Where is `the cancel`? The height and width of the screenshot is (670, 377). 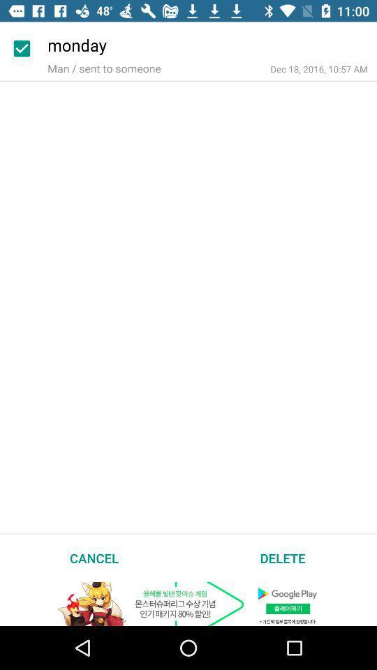
the cancel is located at coordinates (94, 558).